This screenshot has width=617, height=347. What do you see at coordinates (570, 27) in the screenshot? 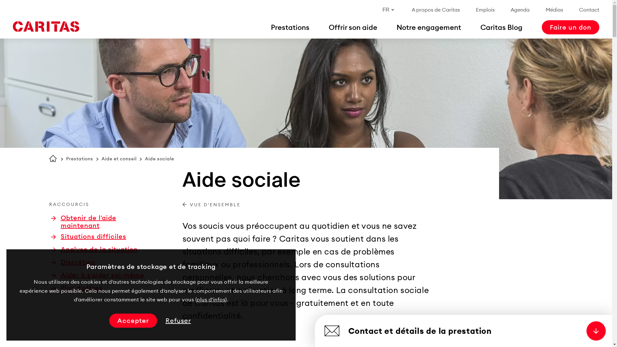
I see `'Faire un don'` at bounding box center [570, 27].